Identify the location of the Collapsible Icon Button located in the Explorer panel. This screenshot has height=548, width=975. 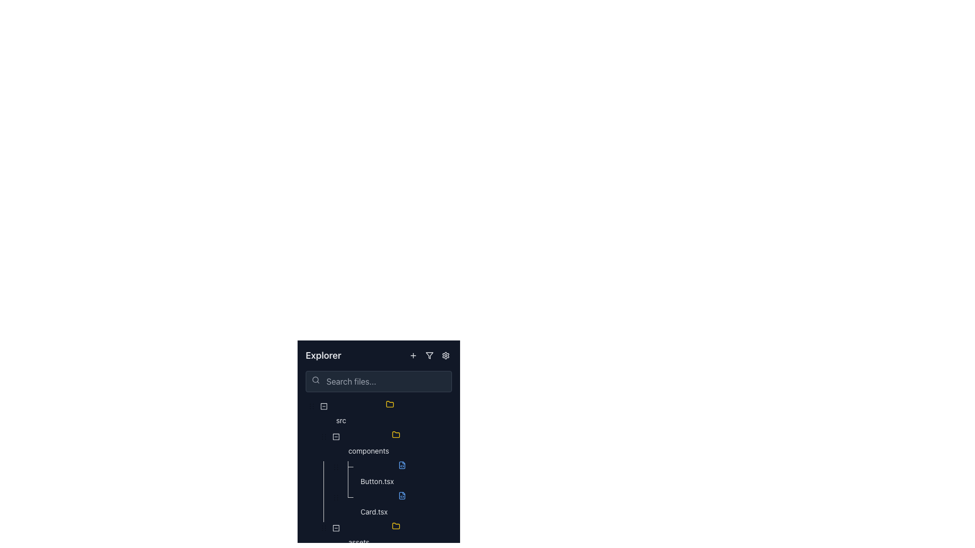
(336, 528).